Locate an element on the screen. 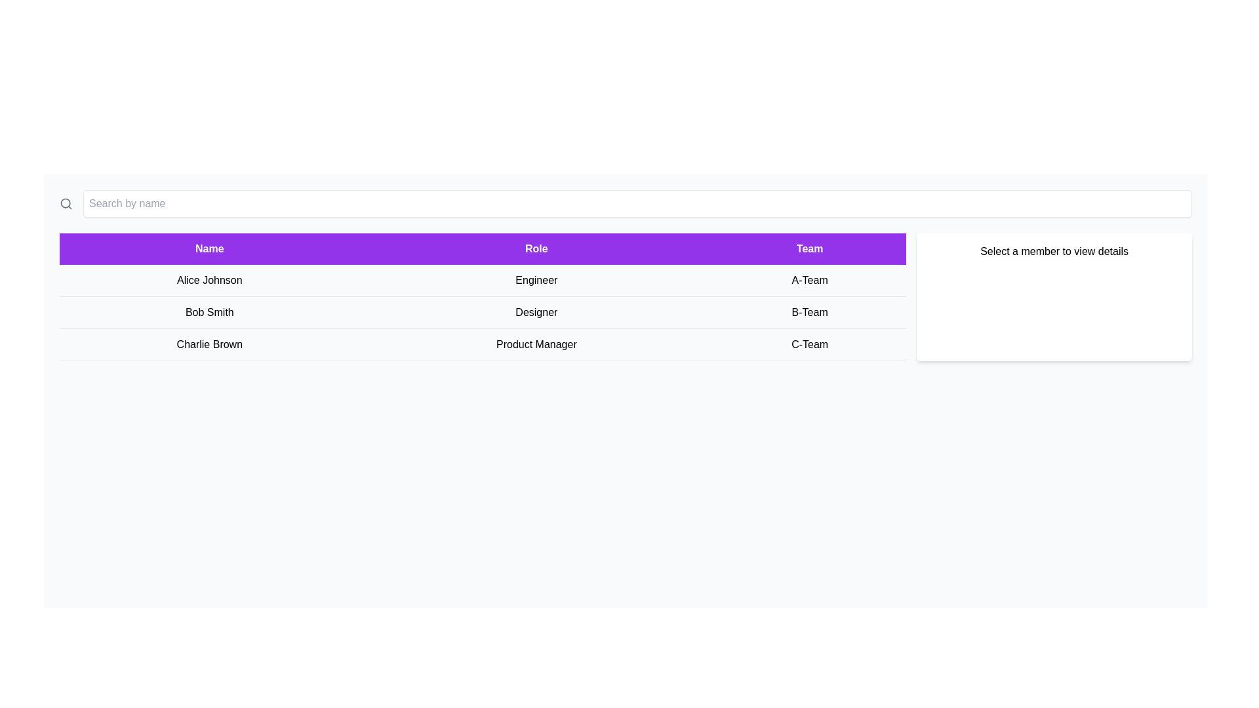  the third row in the table that displays 'Charlie Brown' as the Name, 'Product Manager' as the Role, and 'C-Team' as the Team is located at coordinates (482, 344).